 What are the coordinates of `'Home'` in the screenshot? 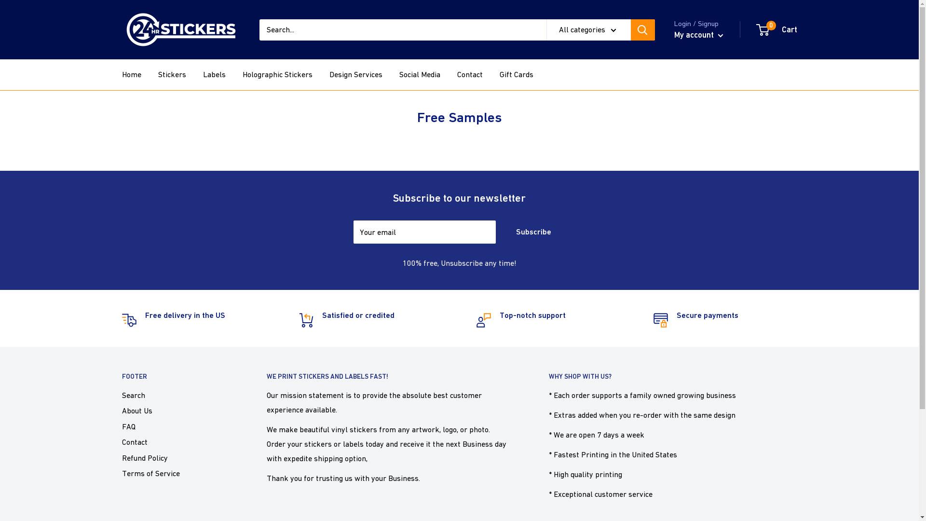 It's located at (131, 74).